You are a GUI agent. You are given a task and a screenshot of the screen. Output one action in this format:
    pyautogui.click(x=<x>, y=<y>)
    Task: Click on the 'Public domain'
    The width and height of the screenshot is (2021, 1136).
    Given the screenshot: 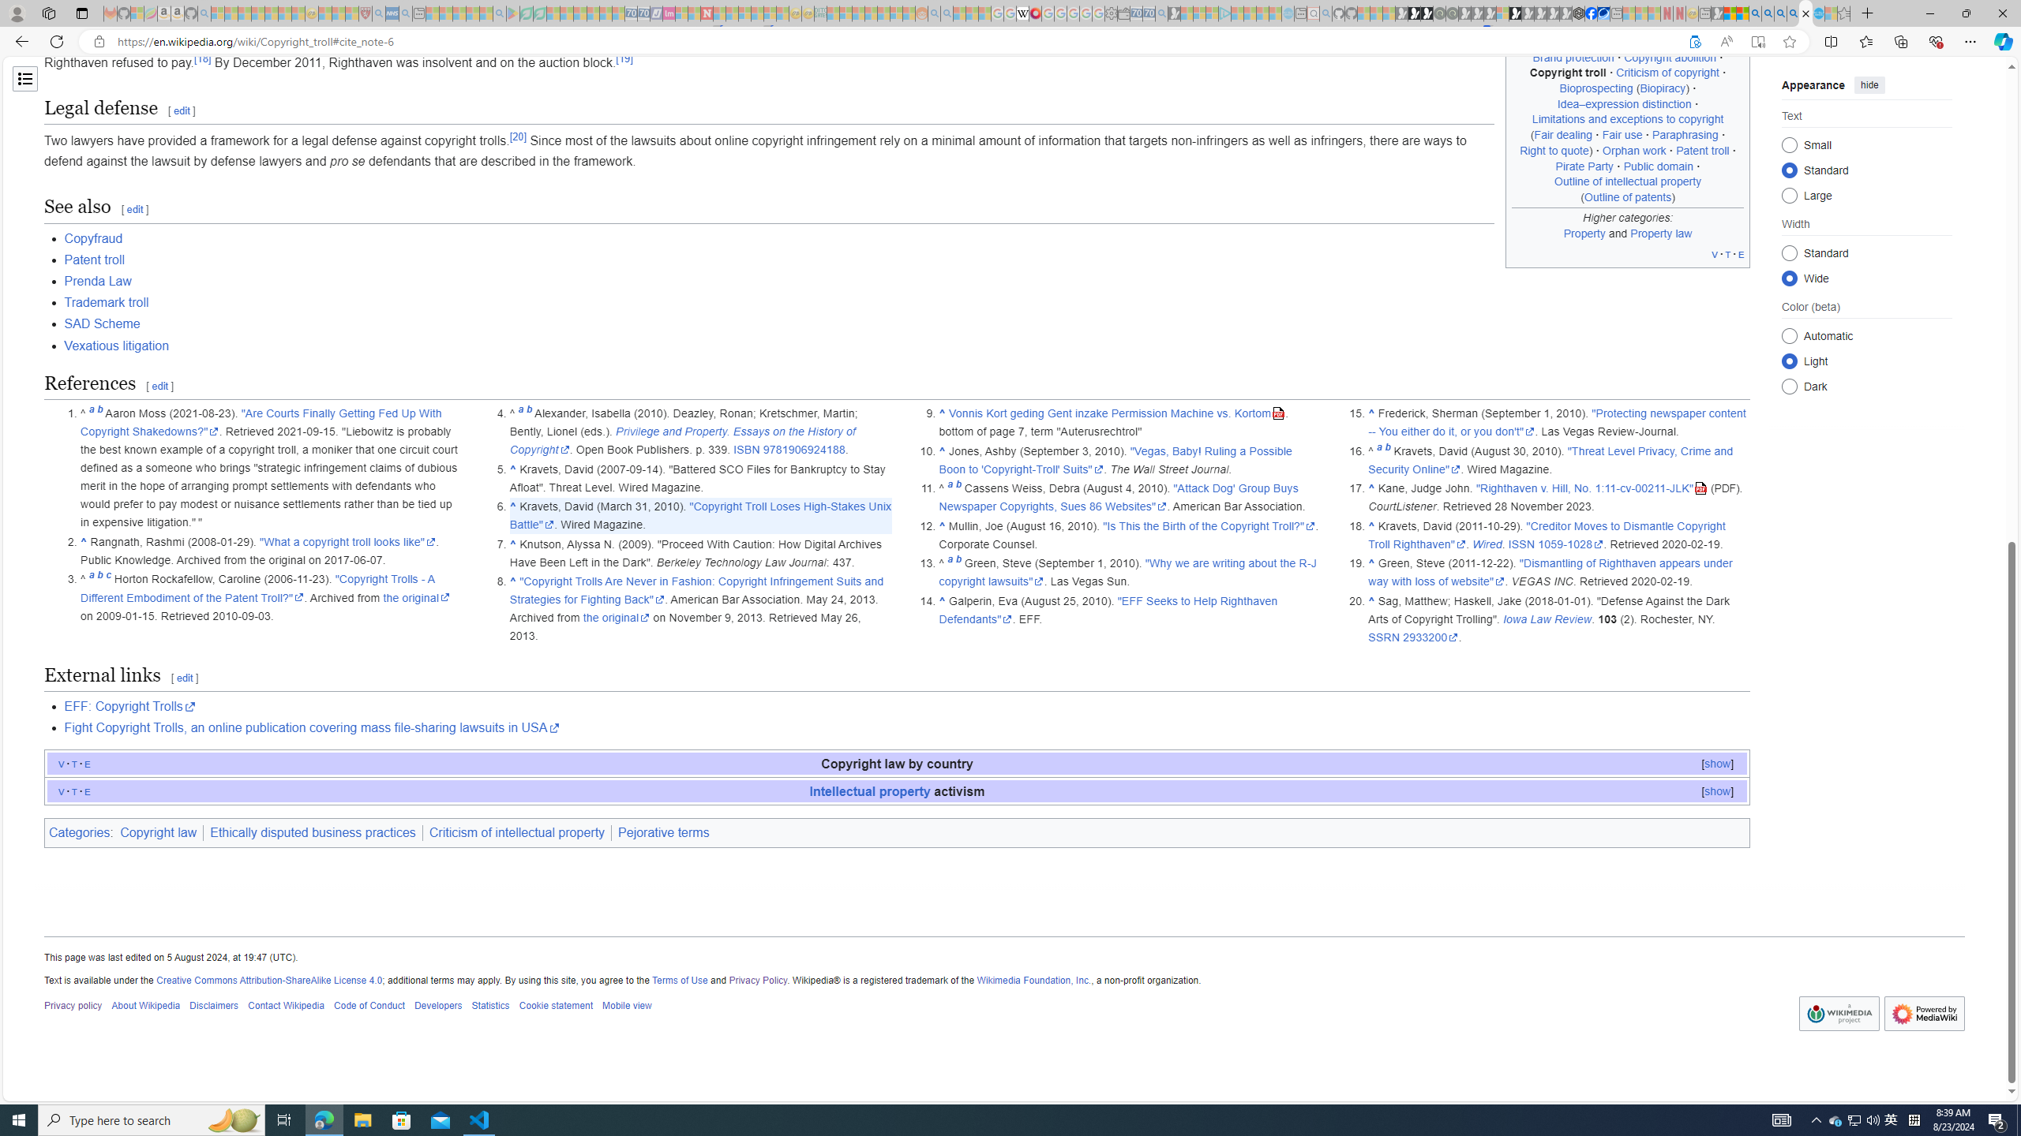 What is the action you would take?
    pyautogui.click(x=1657, y=166)
    